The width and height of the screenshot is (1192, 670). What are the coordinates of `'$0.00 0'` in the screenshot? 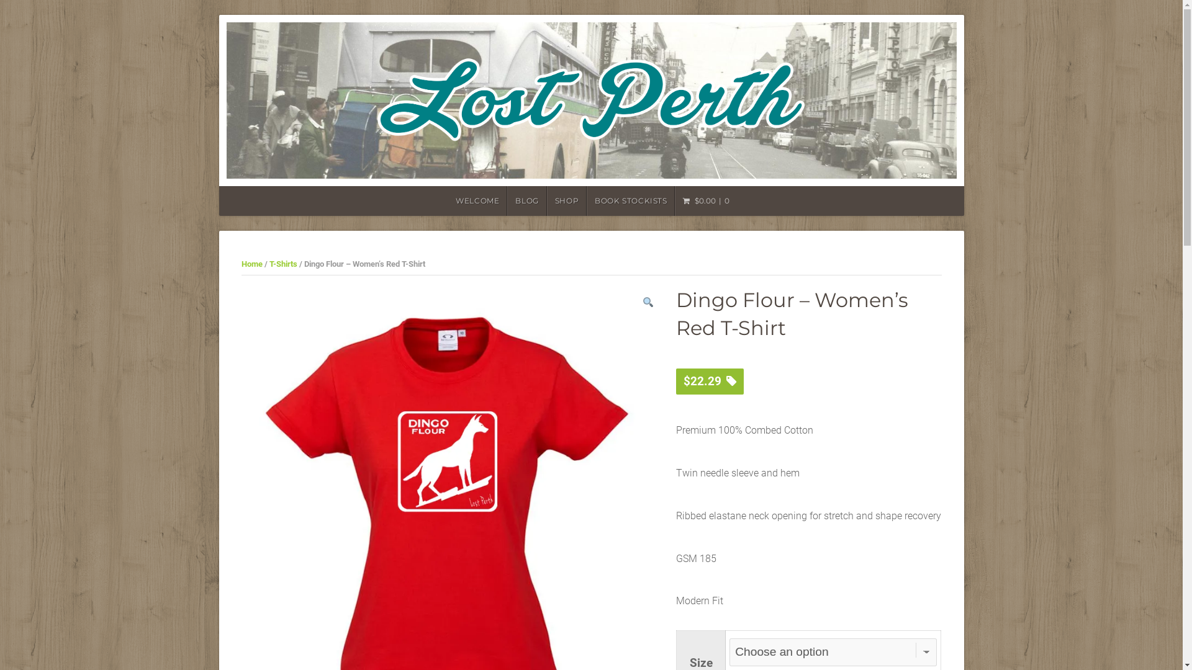 It's located at (674, 200).